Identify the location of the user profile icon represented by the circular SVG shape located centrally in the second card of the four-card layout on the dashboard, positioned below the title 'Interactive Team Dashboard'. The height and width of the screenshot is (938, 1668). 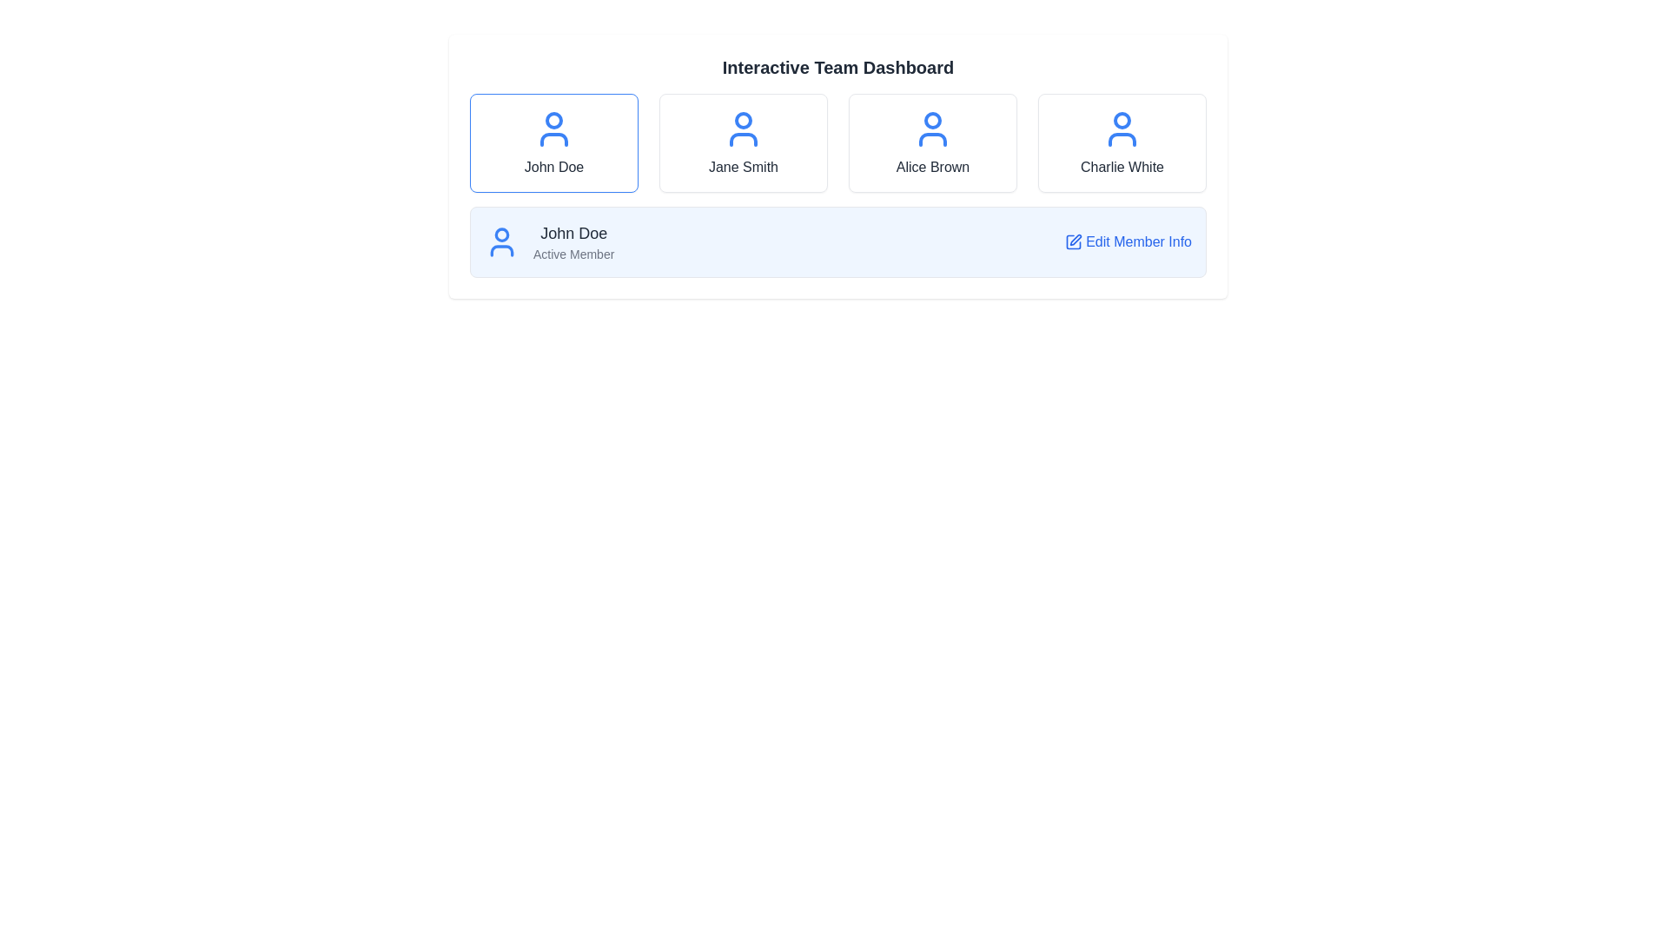
(743, 119).